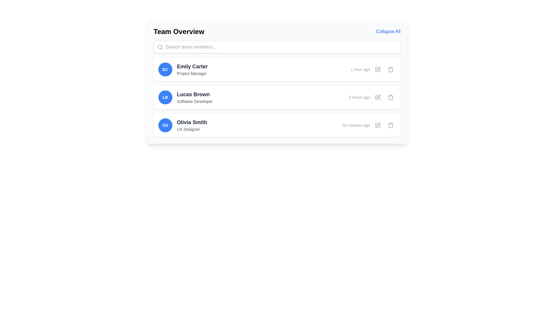 Image resolution: width=559 pixels, height=314 pixels. Describe the element at coordinates (192, 66) in the screenshot. I see `the text label displaying the name of the individual in the first team member card of the 'Team Overview' section, which is located above the designation 'Project Manager.'` at that location.